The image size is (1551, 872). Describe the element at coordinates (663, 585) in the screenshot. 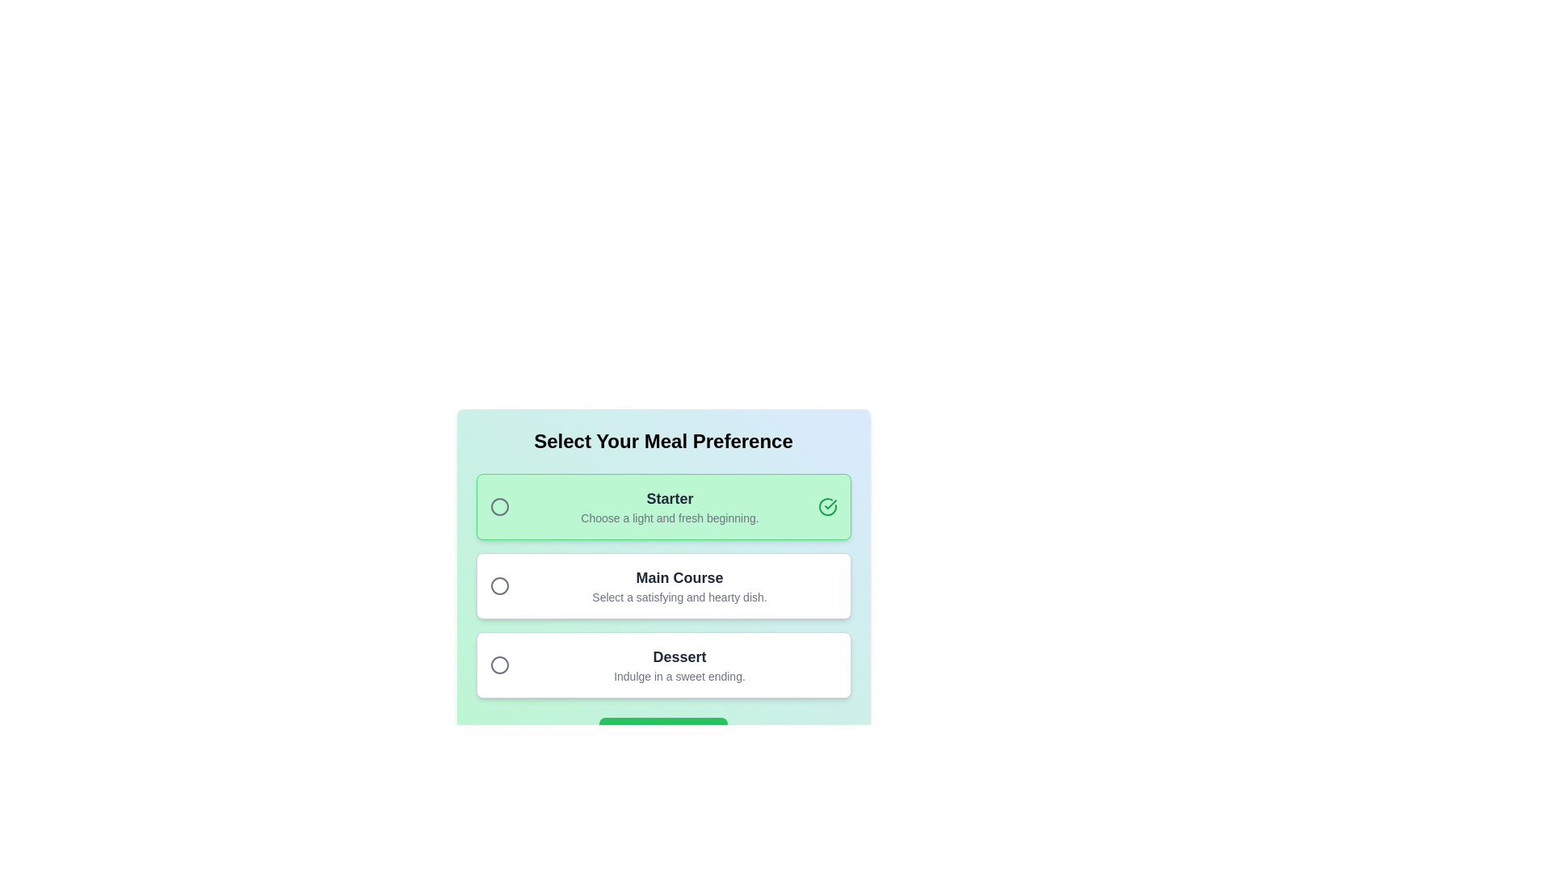

I see `the 'Main Course' button using keyboard tabbing, which is a rectangular button with a white background, featuring a gray circular icon and text describing the dish` at that location.